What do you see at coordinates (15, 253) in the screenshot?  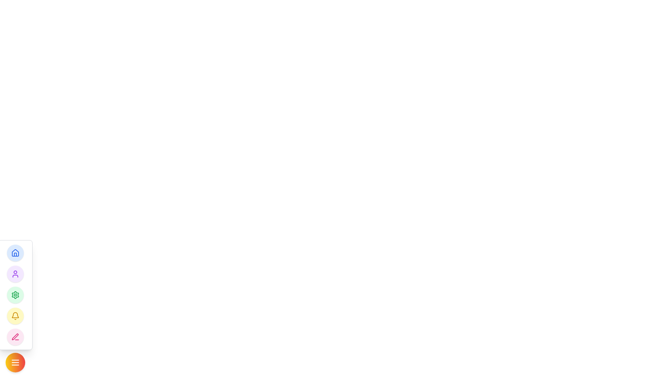 I see `the topmost circular button in the vertical menu on the left side of the interface` at bounding box center [15, 253].